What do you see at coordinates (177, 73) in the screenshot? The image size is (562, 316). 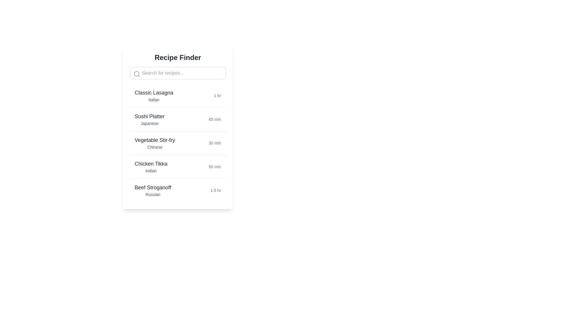 I see `the text input field for searching recipes, located beneath the 'Recipe Finder' title` at bounding box center [177, 73].